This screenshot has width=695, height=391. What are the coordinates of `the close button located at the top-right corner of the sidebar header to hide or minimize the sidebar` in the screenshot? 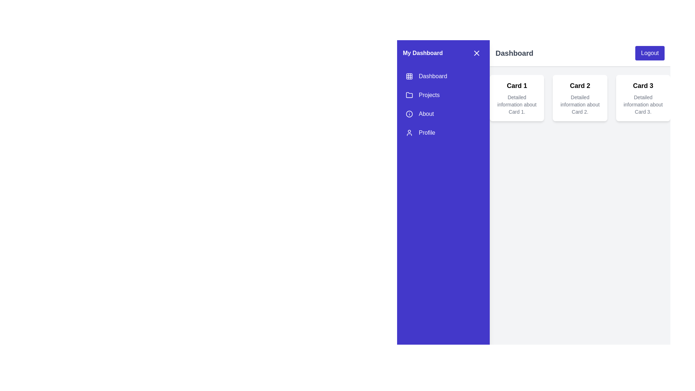 It's located at (476, 52).